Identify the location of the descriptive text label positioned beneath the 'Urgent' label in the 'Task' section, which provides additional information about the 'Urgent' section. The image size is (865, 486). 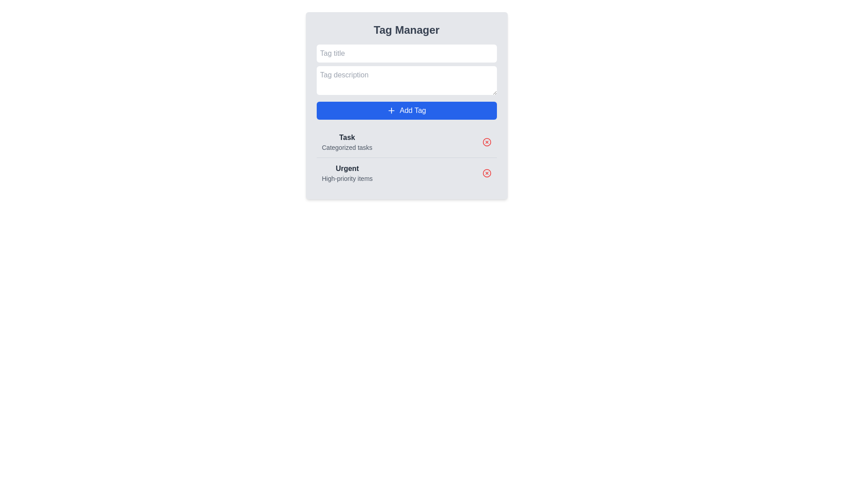
(346, 179).